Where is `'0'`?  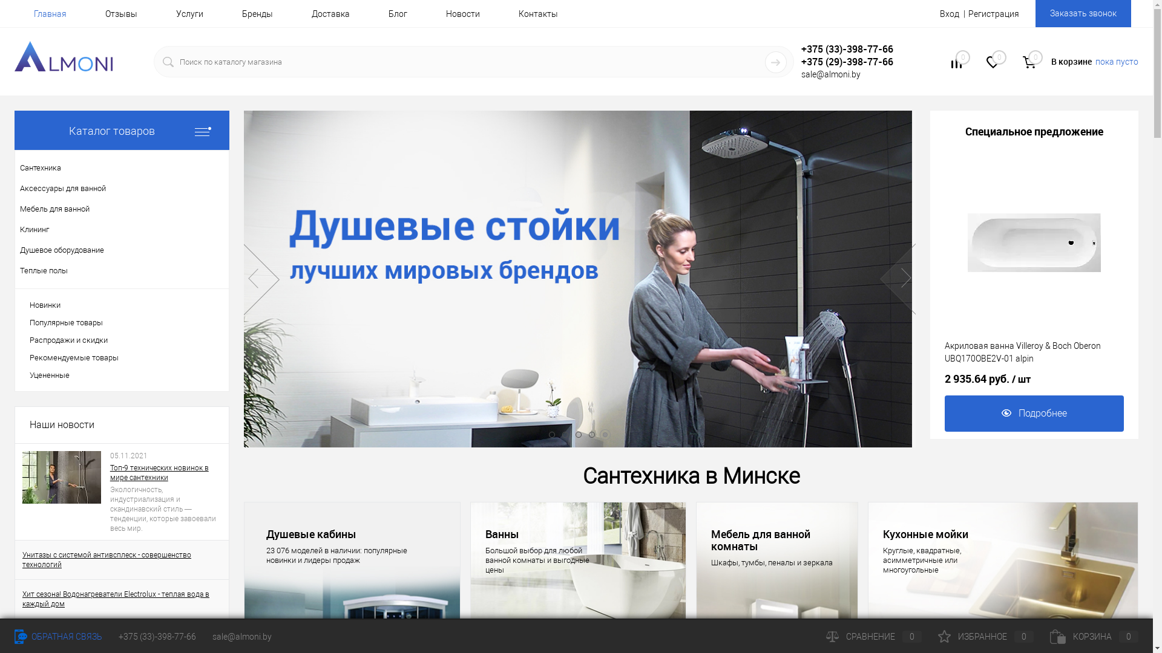 '0' is located at coordinates (956, 63).